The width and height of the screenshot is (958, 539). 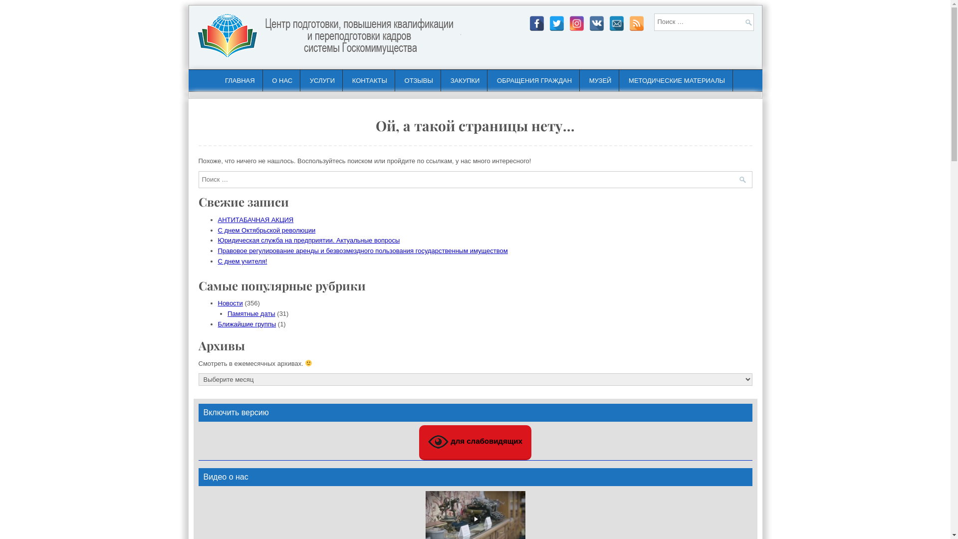 What do you see at coordinates (615, 22) in the screenshot?
I see `'Email'` at bounding box center [615, 22].